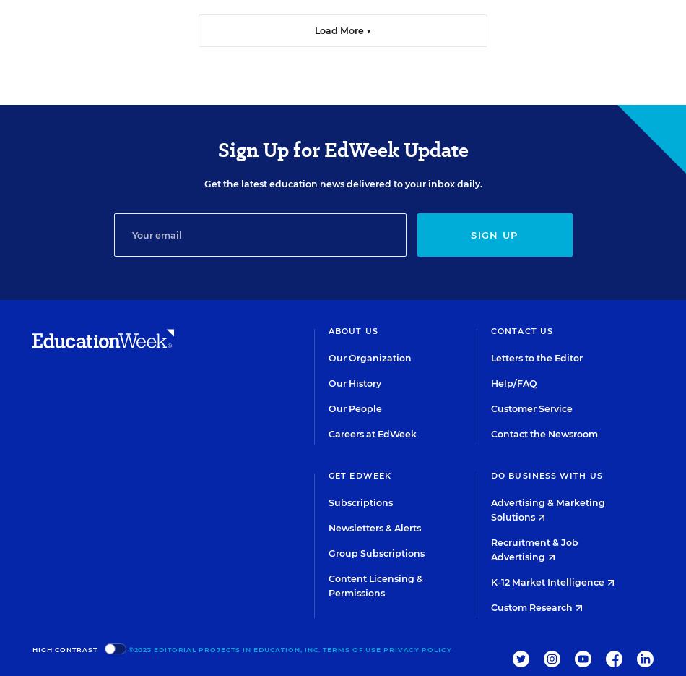 This screenshot has height=676, width=686. What do you see at coordinates (327, 586) in the screenshot?
I see `'Content Licensing & Permissions'` at bounding box center [327, 586].